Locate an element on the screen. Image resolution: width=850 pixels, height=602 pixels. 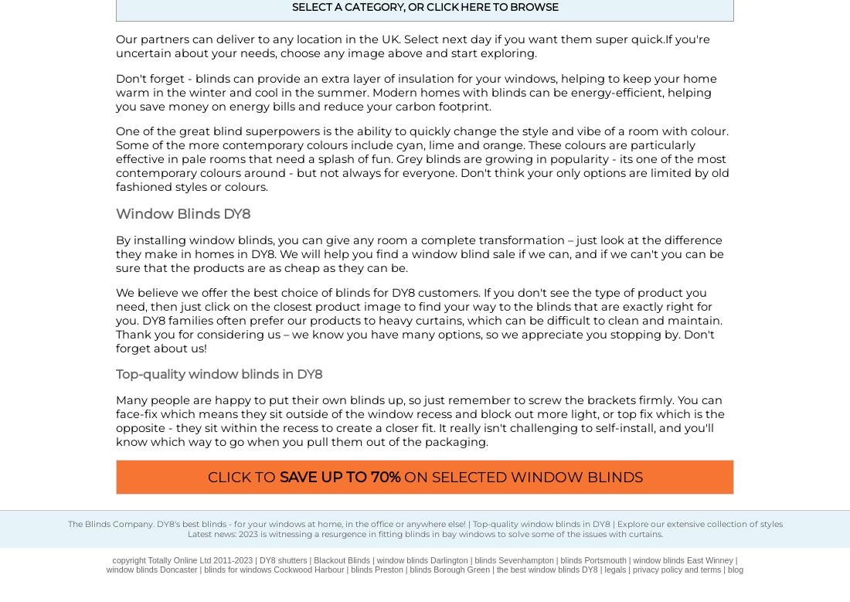
'blinds for windows Cockwood Harbour' is located at coordinates (274, 569).